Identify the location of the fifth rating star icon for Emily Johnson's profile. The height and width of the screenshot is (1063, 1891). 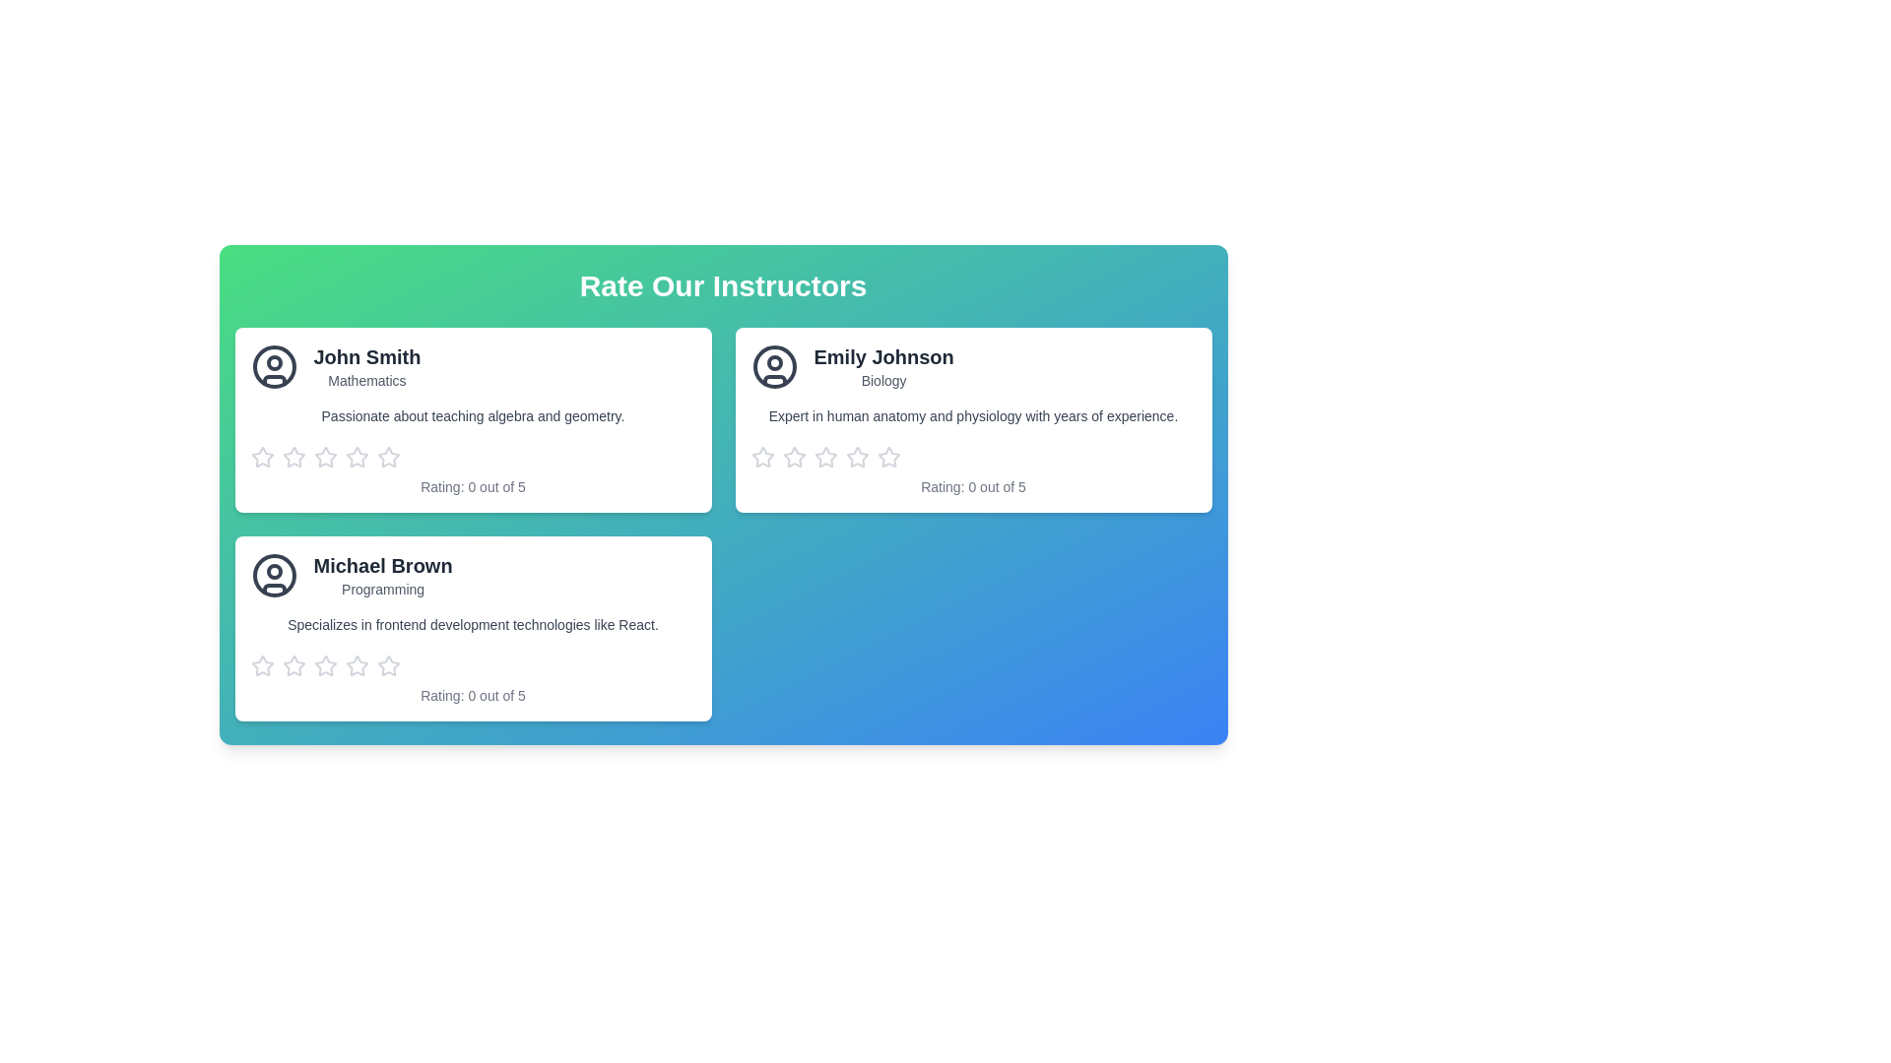
(857, 458).